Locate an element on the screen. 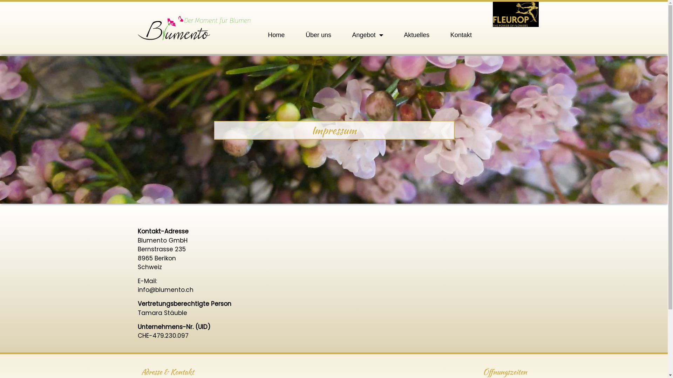  'Aktuelles' is located at coordinates (416, 35).